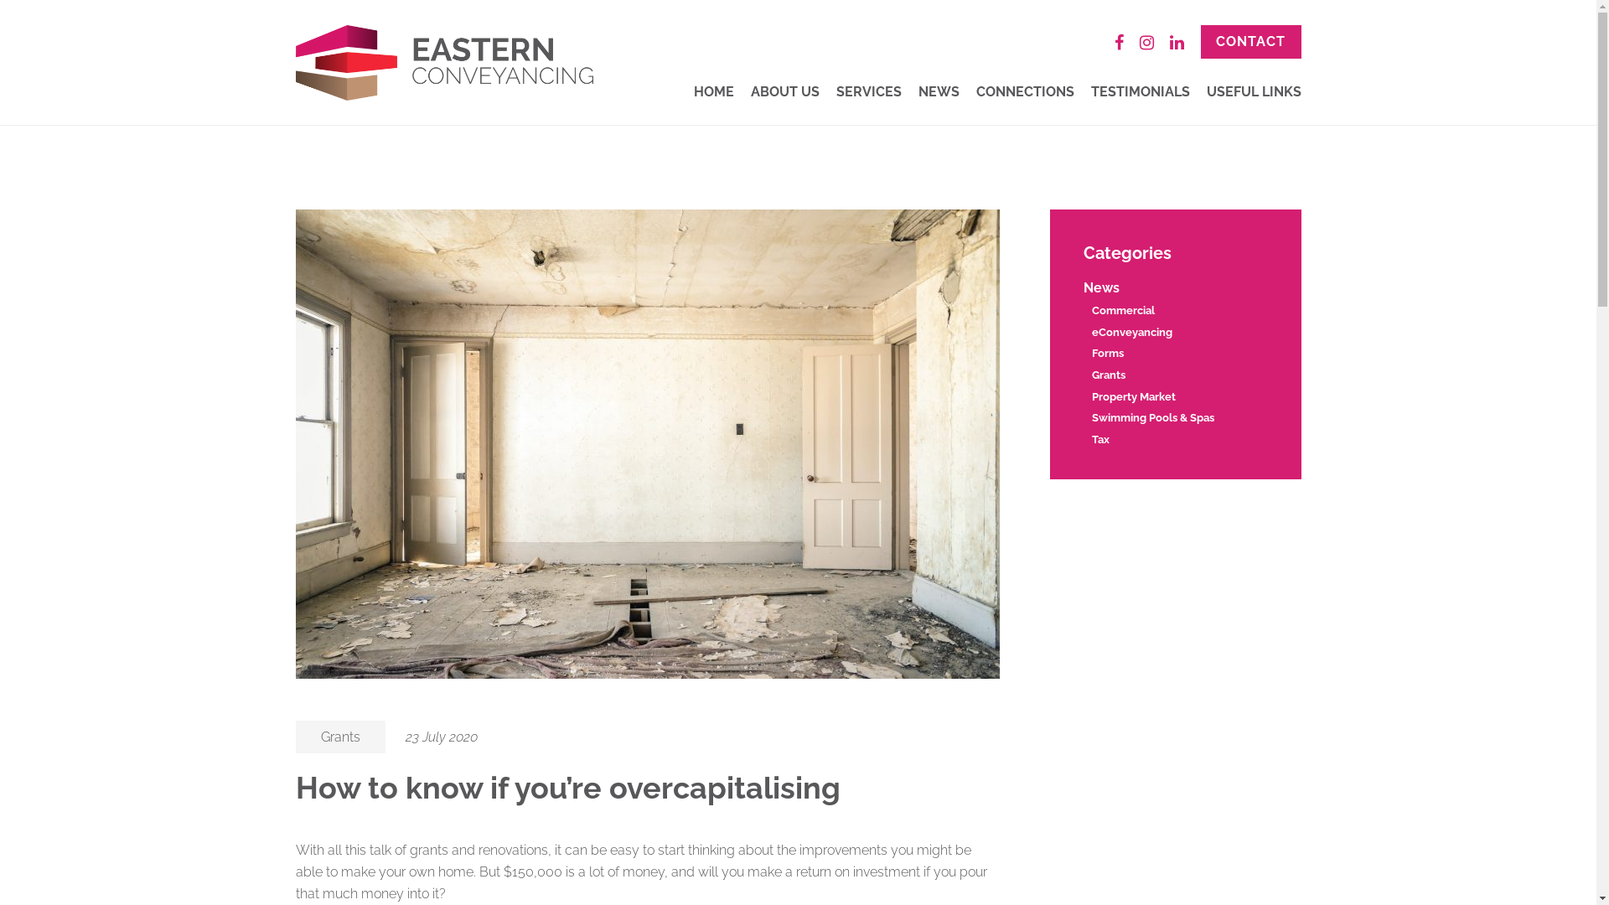 The width and height of the screenshot is (1609, 905). Describe the element at coordinates (868, 91) in the screenshot. I see `'SERVICES'` at that location.